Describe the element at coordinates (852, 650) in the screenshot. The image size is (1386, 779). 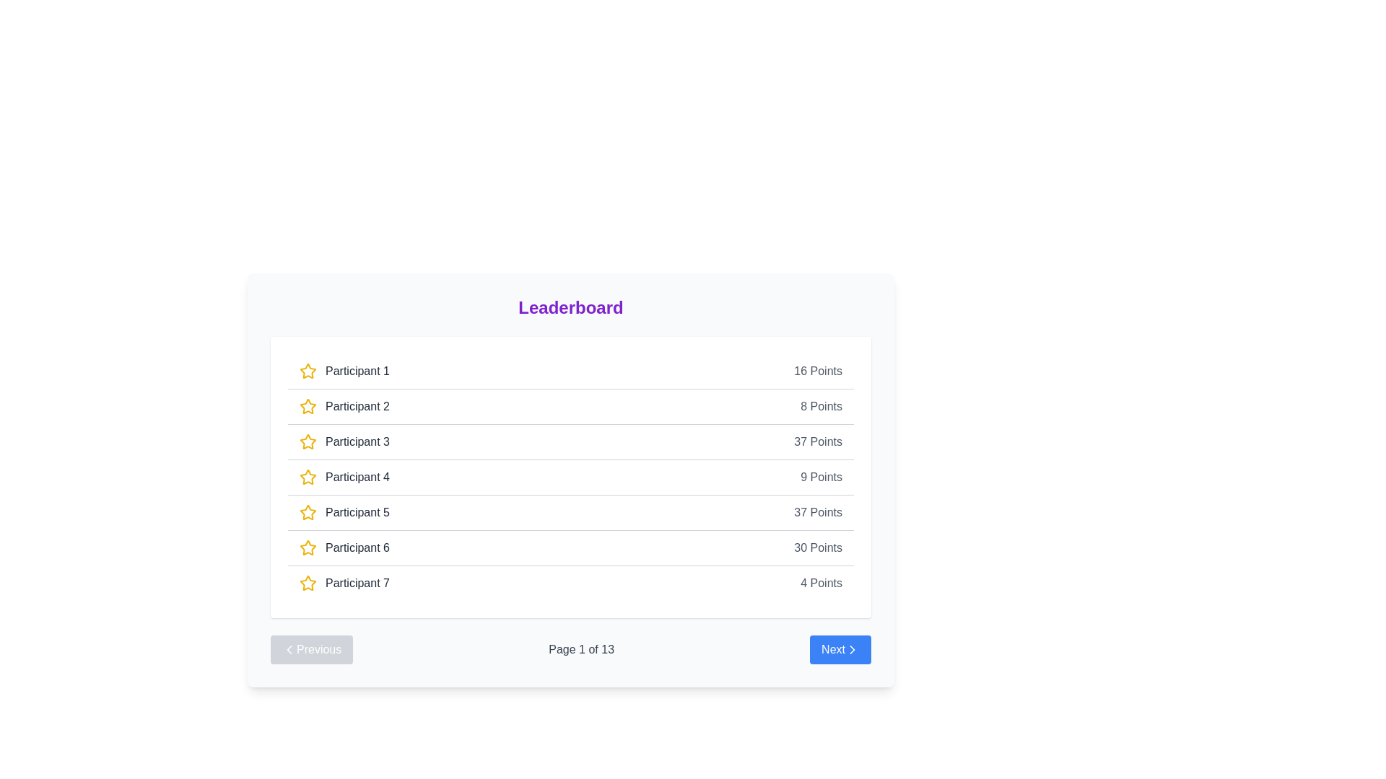
I see `the right-facing chevron icon within the blue 'Next' button located at the bottom-right of the interface` at that location.